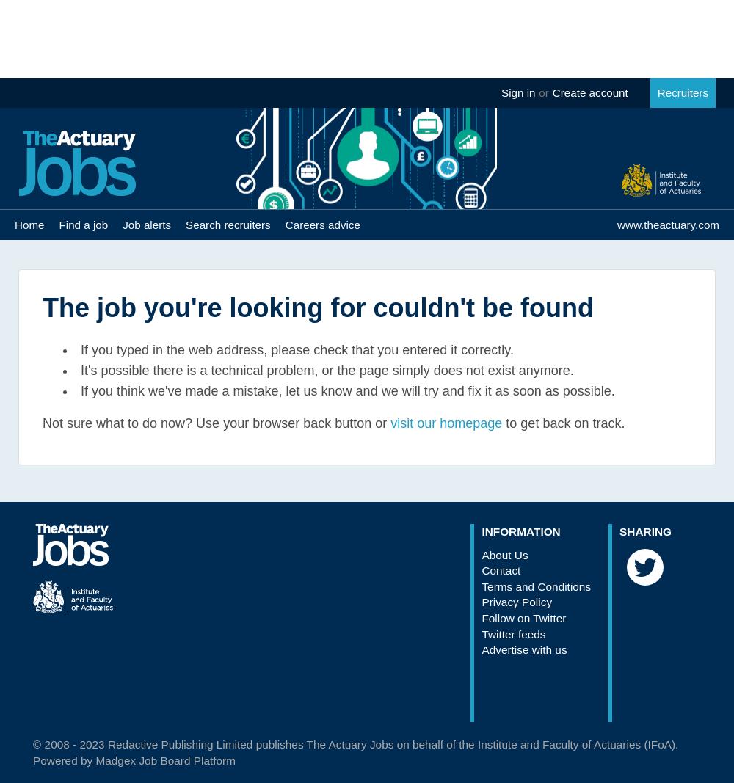 The height and width of the screenshot is (783, 734). What do you see at coordinates (355, 751) in the screenshot?
I see `'© 2008 - 2023 Redactive Publishing Limited publishes The Actuary Jobs on
        behalf of the Institute and Faculty of Actuaries (IFoA). Powered by
        Madgex Job Board Platform'` at bounding box center [355, 751].